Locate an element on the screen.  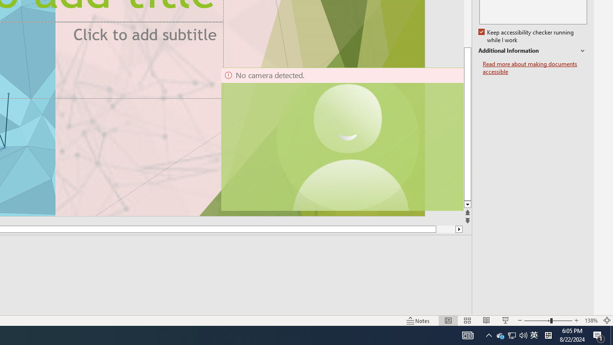
'Zoom In' is located at coordinates (576, 321).